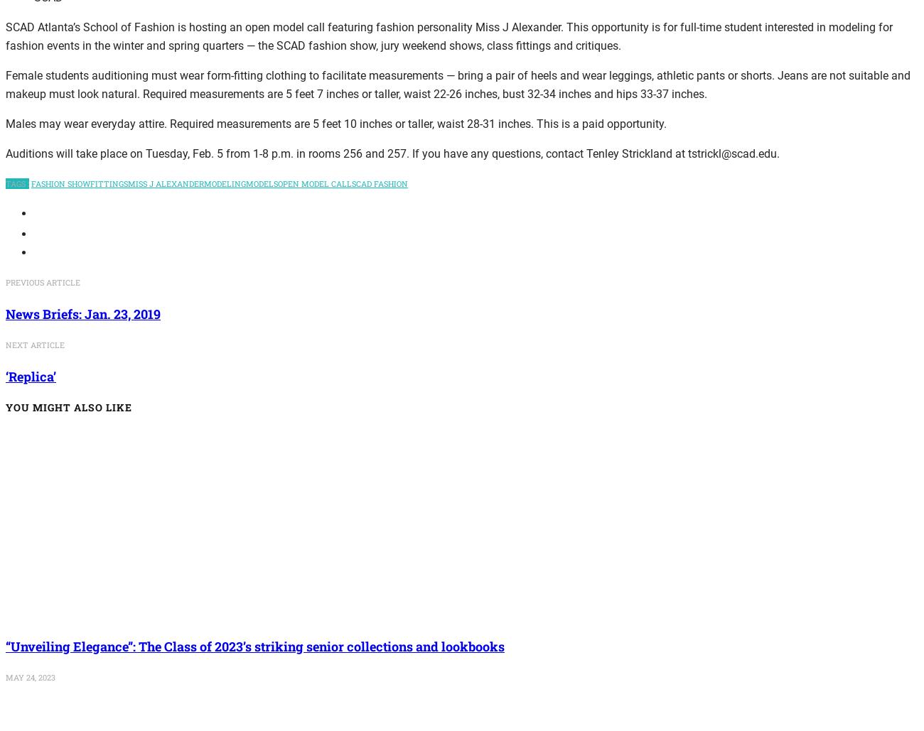 The image size is (924, 731). I want to click on 'Auditions will take place on Tuesday, Feb. 5 from 1-8 p.m. in rooms 256 and 257. If you have any questions, contact Tenley Strickland at tstrickl@scad.edu.', so click(392, 153).